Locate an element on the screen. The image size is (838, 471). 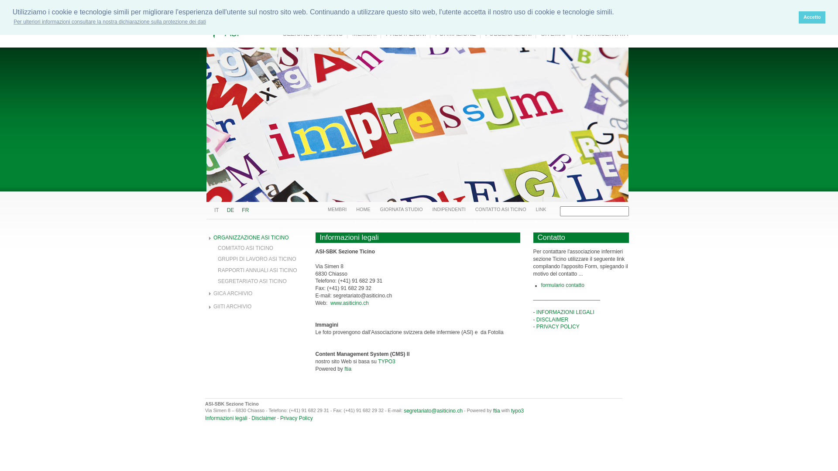
'ORGANIZZAZIONE ASI TICINO' is located at coordinates (251, 237).